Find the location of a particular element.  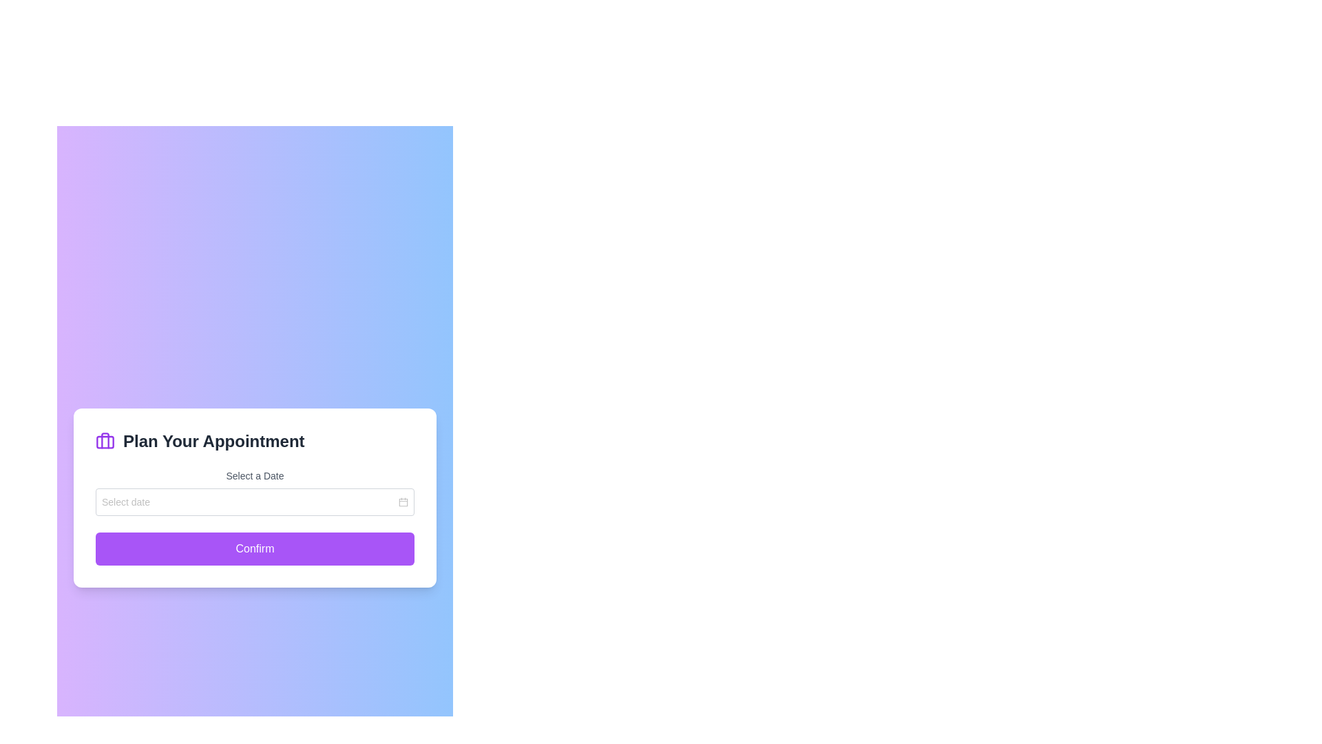

the decorative icon located to the left of the 'Plan Your Appointment' text in the header section is located at coordinates (105, 441).